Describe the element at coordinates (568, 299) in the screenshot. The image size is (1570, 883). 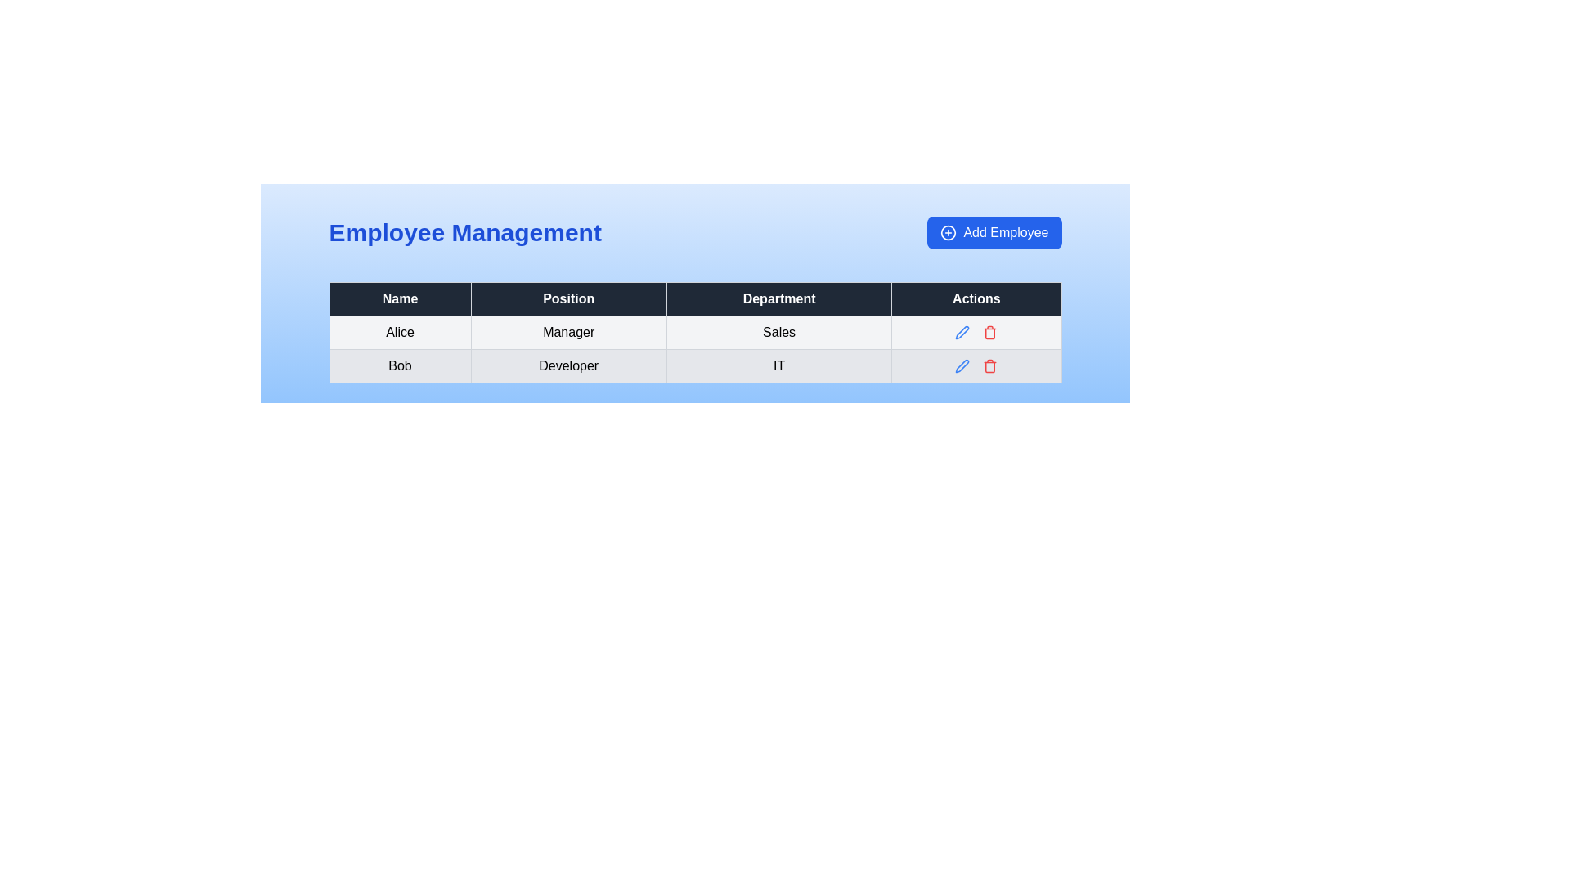
I see `the 'Position' table header, which is the second column in a table containing 'Name', 'Position', 'Department', and 'Actions'` at that location.